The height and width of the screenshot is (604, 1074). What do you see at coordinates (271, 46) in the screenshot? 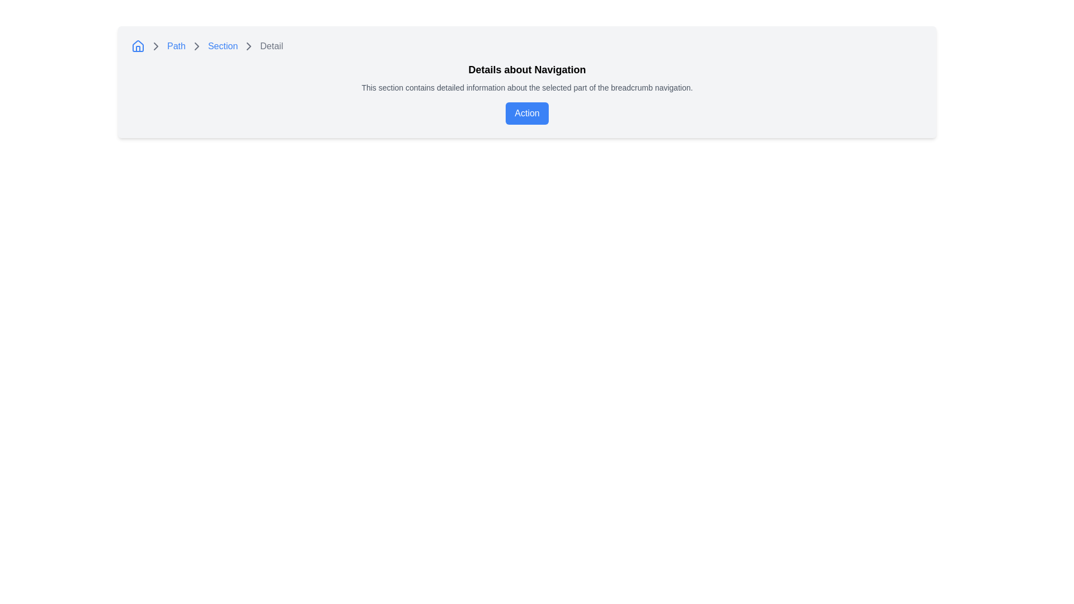
I see `the Text label in the breadcrumb navigation at the top-left of the interface, which indicates the current page or section` at bounding box center [271, 46].